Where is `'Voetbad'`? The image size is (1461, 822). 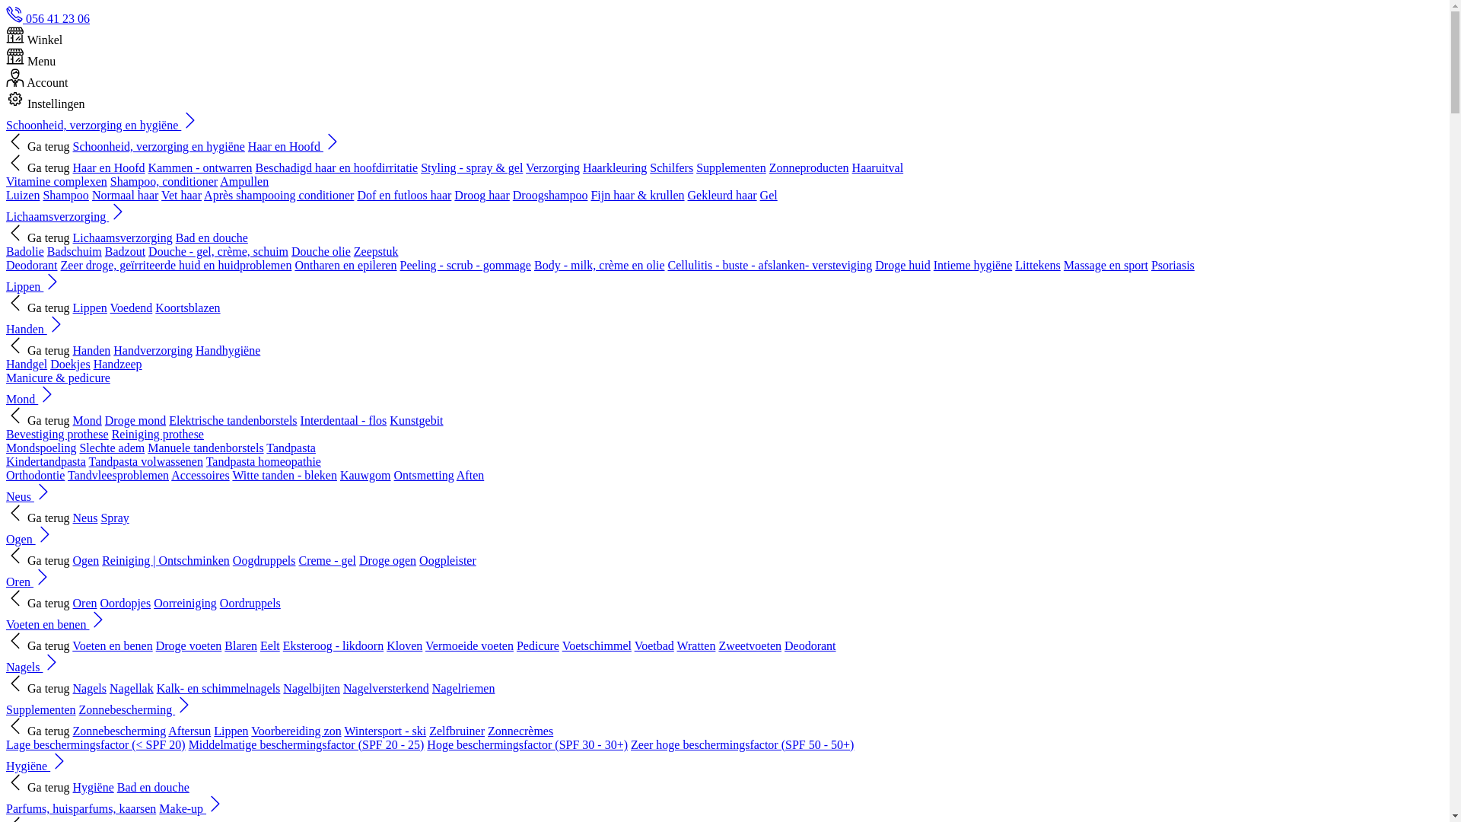
'Voetbad' is located at coordinates (654, 645).